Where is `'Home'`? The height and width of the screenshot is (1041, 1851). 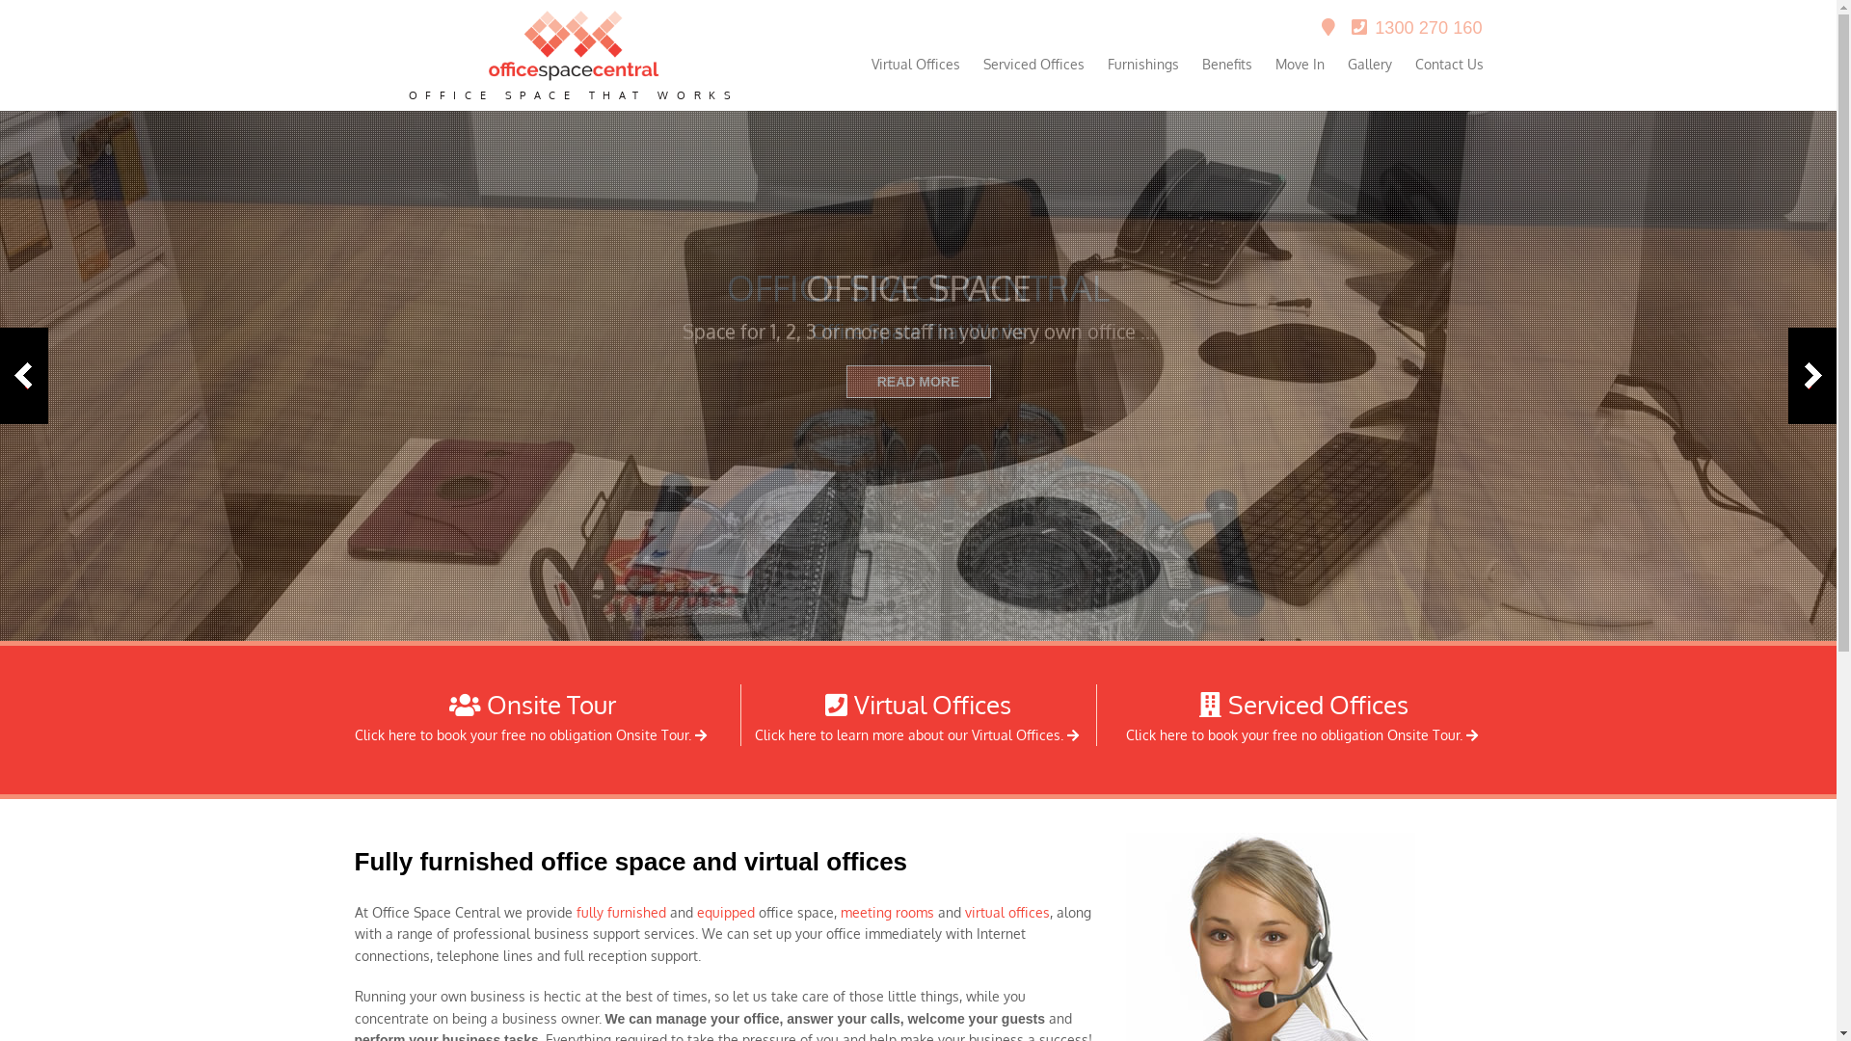
'Home' is located at coordinates (573, 75).